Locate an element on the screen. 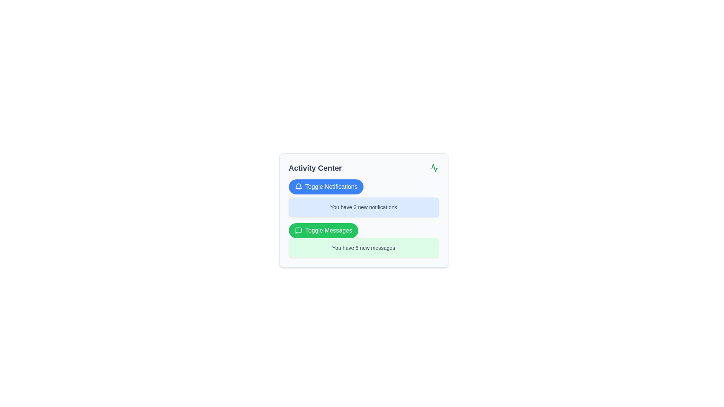 The height and width of the screenshot is (407, 724). text message 'You have 5 new messages' displayed in a small gray font within the green notification box located at the bottom of the Activity Center panel is located at coordinates (364, 248).